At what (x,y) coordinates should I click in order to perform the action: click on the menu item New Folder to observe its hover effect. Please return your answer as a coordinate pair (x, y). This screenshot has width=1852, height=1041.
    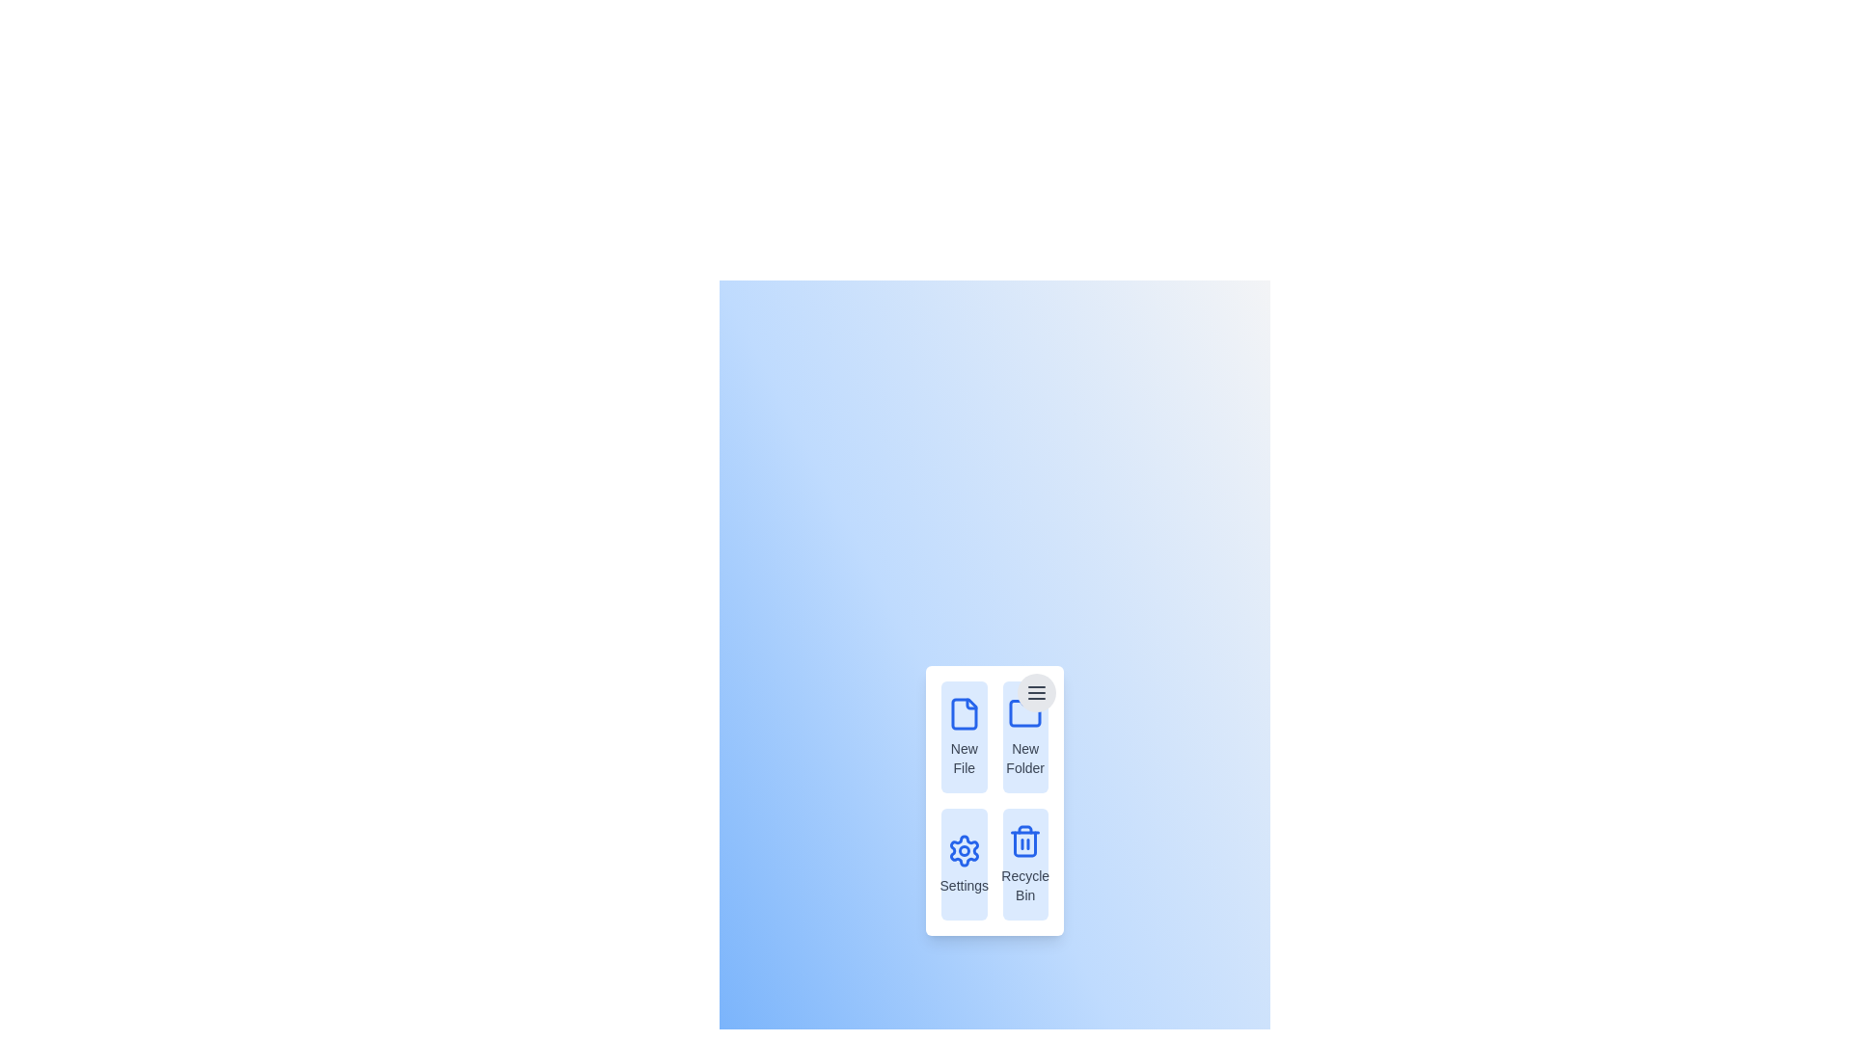
    Looking at the image, I should click on (1024, 736).